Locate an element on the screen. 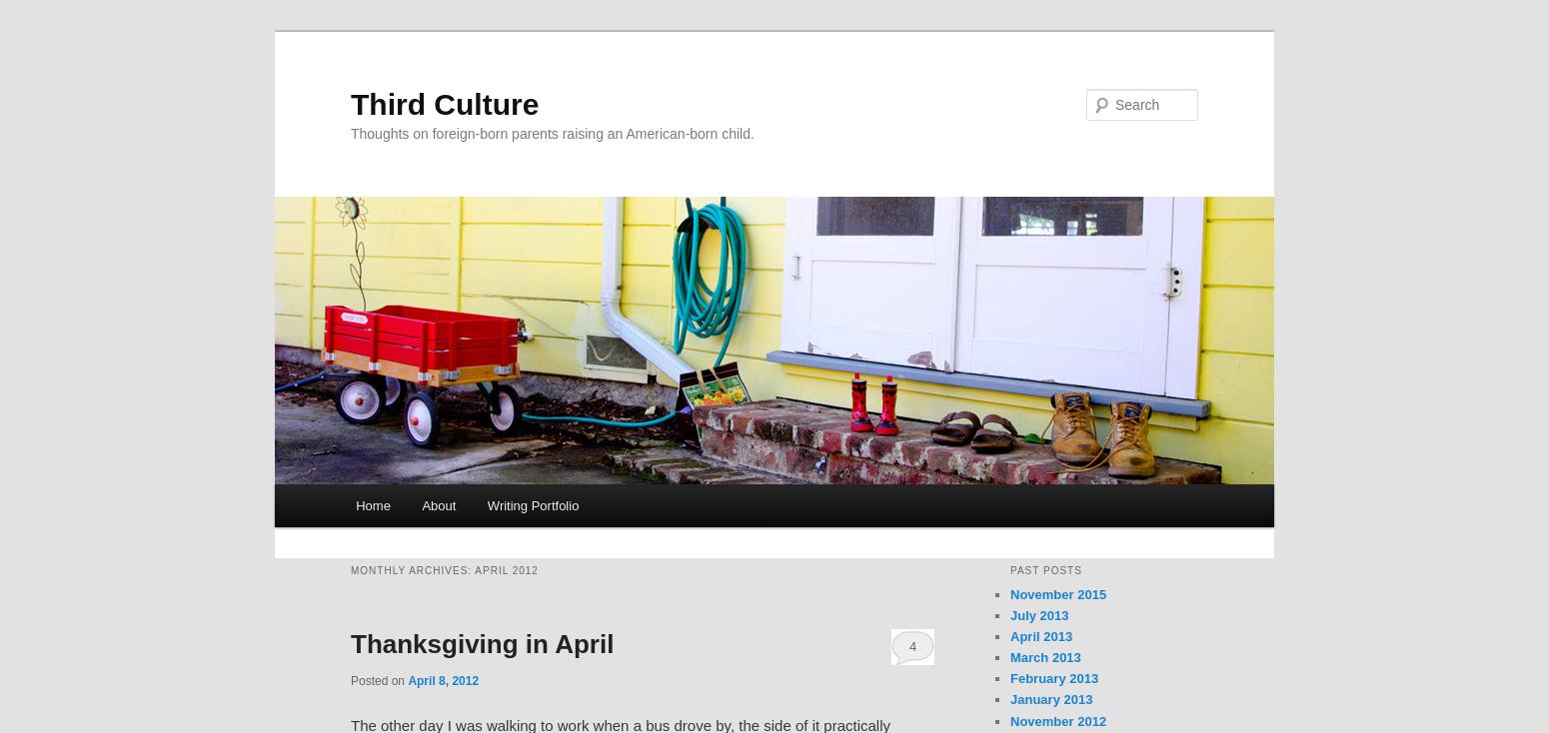 This screenshot has width=1549, height=733. 'November 2012' is located at coordinates (1057, 720).